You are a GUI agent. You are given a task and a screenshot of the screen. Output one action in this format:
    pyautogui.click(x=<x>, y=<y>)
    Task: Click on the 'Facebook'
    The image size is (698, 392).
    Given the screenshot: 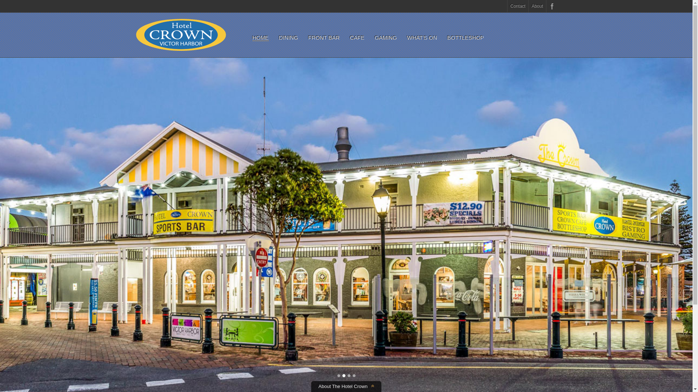 What is the action you would take?
    pyautogui.click(x=551, y=6)
    